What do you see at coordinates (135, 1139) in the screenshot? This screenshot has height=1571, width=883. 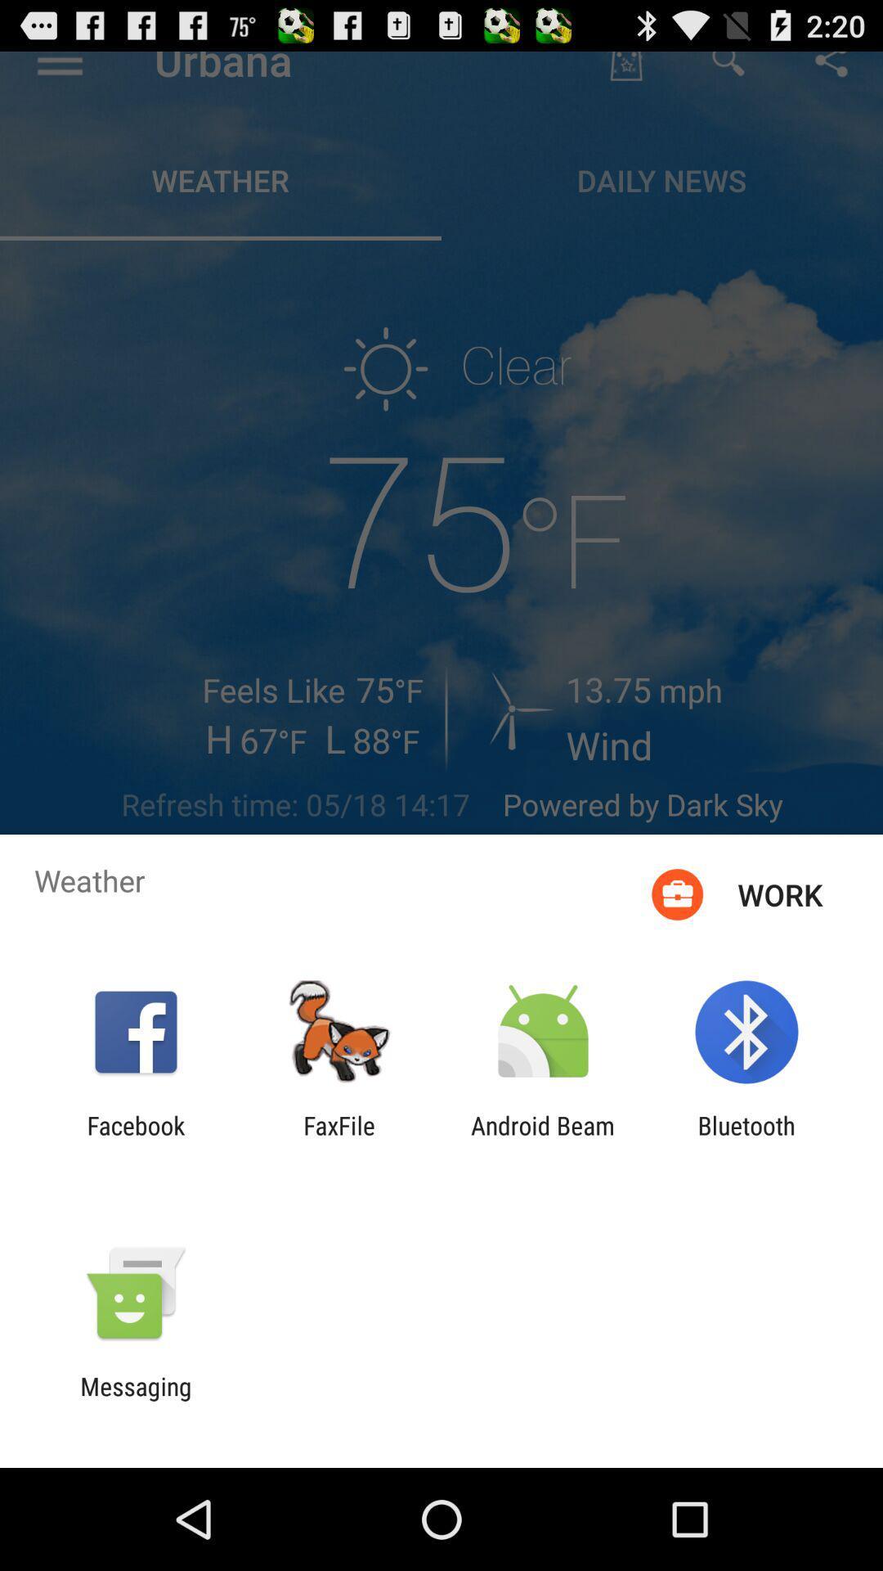 I see `facebook` at bounding box center [135, 1139].